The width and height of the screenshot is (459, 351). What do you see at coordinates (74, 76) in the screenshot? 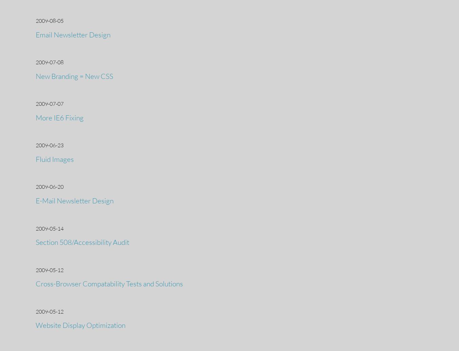
I see `'New Branding = New CSS'` at bounding box center [74, 76].